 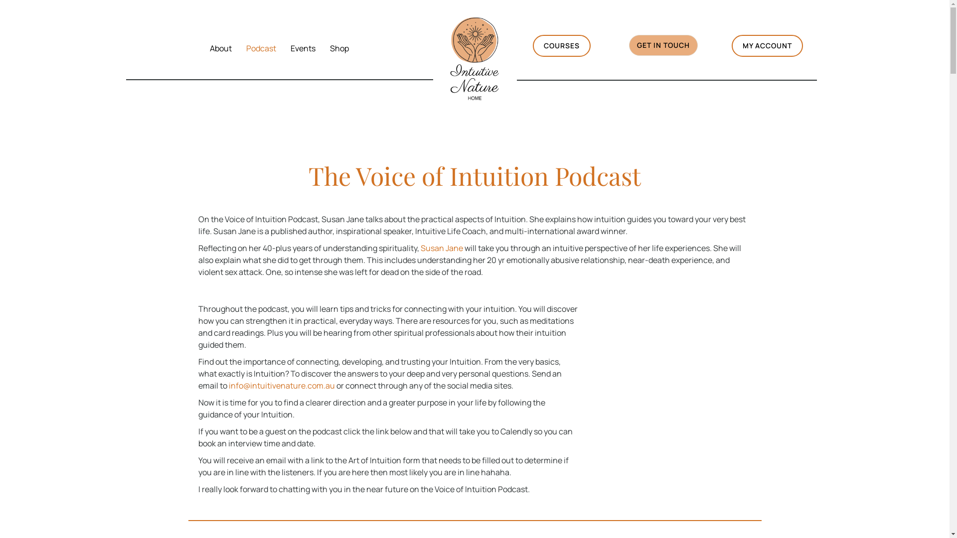 I want to click on 'Shop', so click(x=323, y=48).